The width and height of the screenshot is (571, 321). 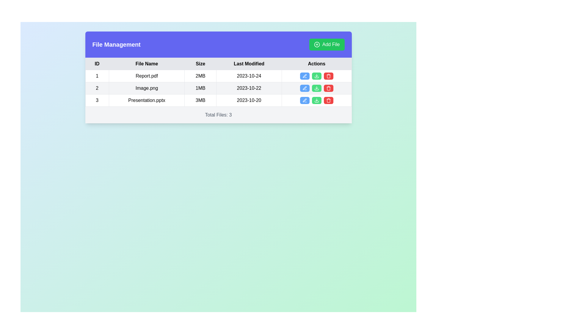 What do you see at coordinates (316, 100) in the screenshot?
I see `the download icon button located in the 'Actions' column of the third row in the table to initiate file download` at bounding box center [316, 100].